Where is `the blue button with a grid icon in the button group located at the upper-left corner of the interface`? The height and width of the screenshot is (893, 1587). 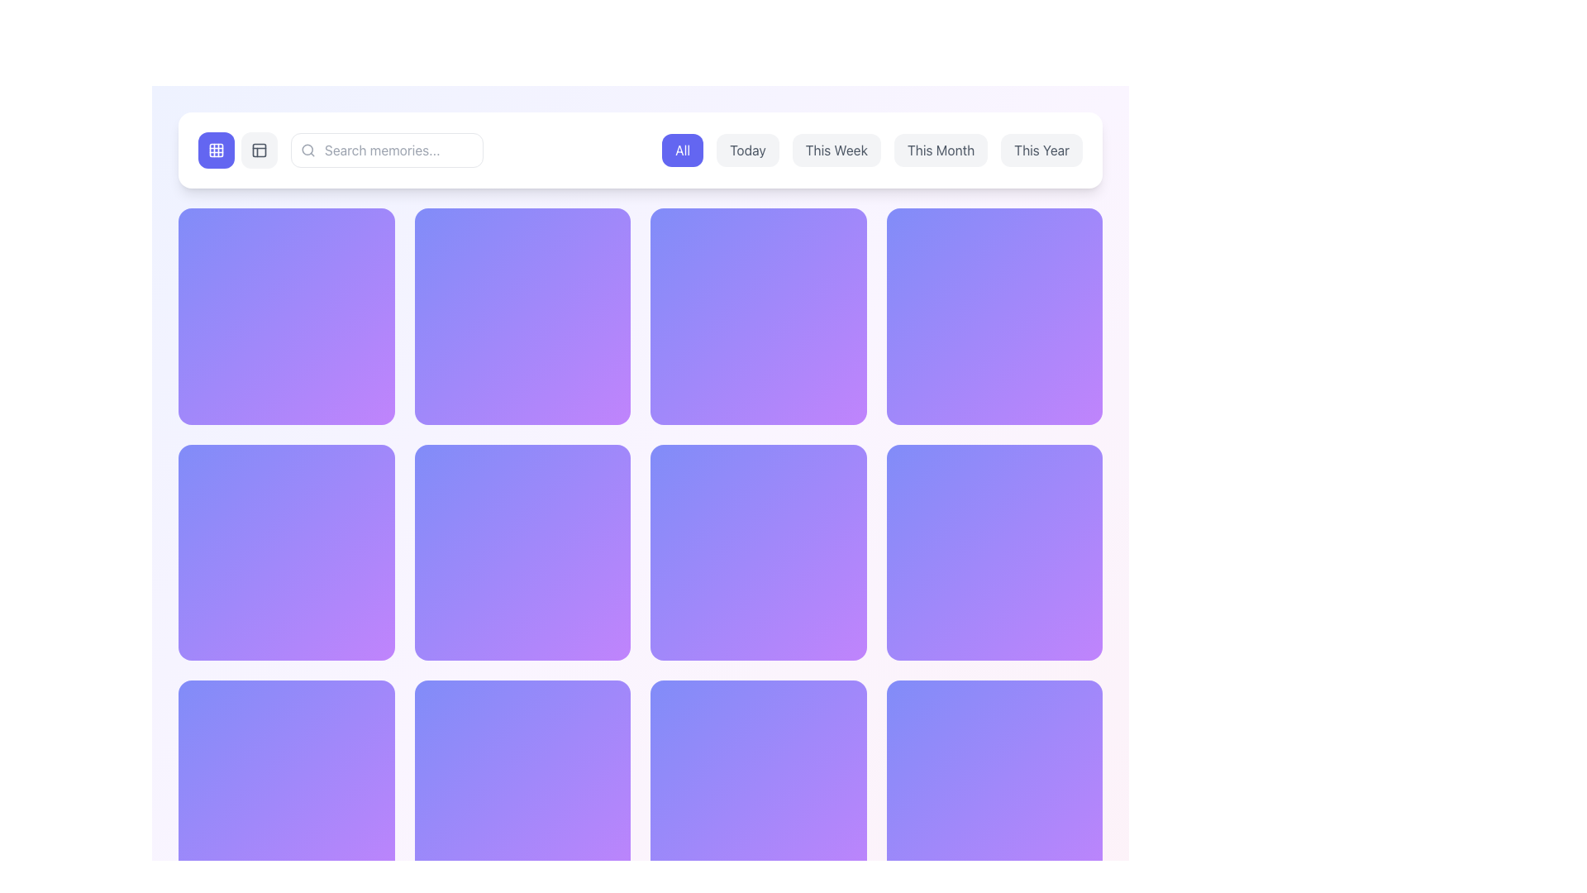 the blue button with a grid icon in the button group located at the upper-left corner of the interface is located at coordinates (237, 150).